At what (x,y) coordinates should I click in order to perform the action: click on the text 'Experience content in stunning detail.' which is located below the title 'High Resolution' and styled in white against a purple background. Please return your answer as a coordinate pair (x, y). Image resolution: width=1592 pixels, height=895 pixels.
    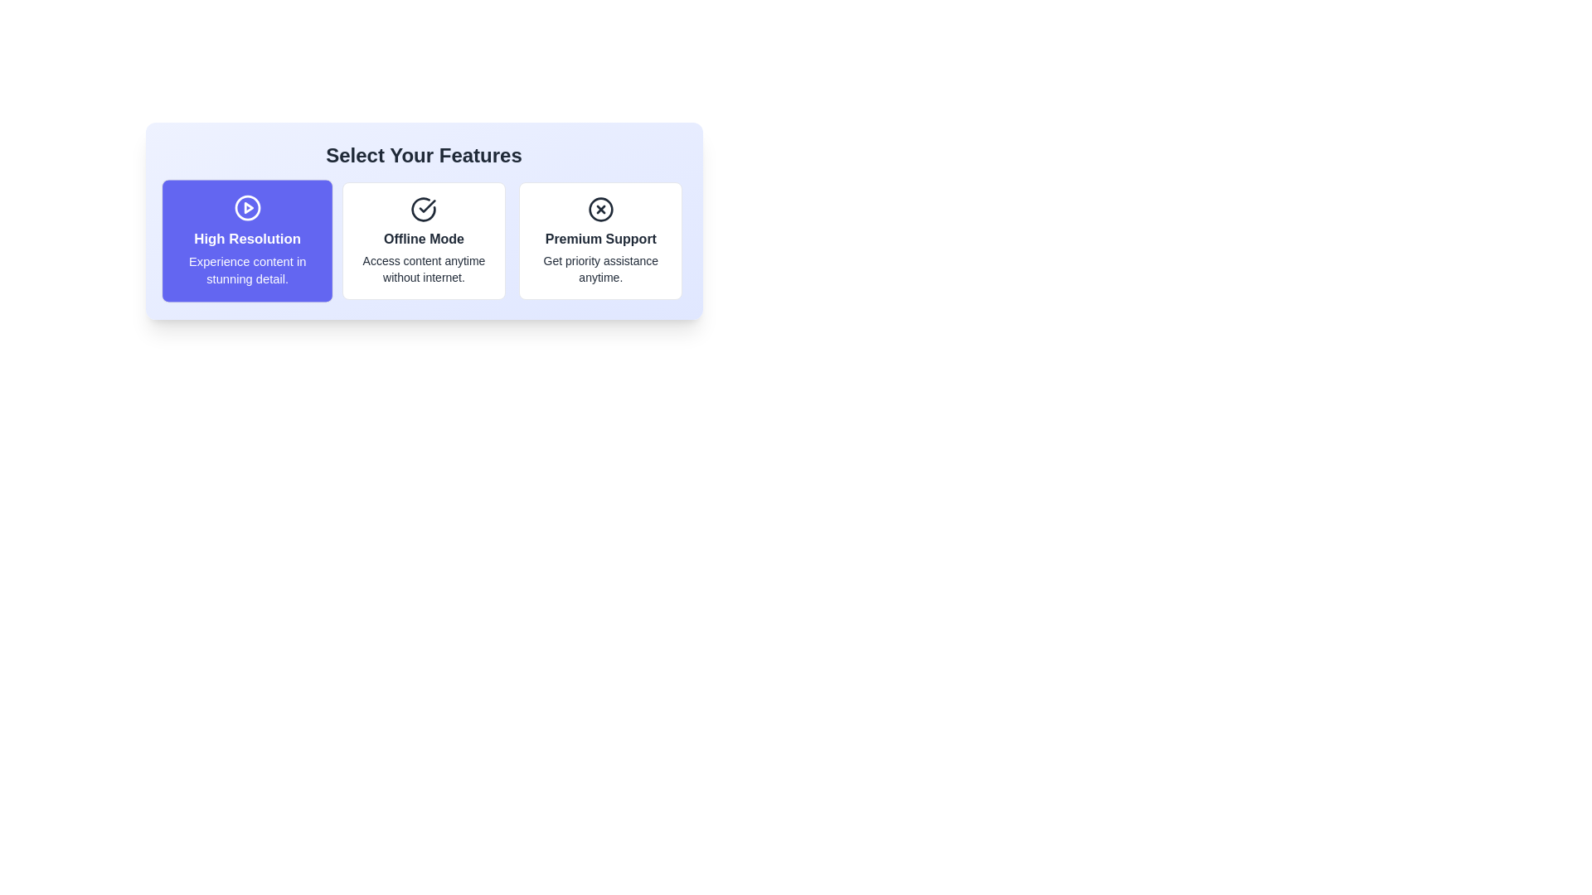
    Looking at the image, I should click on (246, 269).